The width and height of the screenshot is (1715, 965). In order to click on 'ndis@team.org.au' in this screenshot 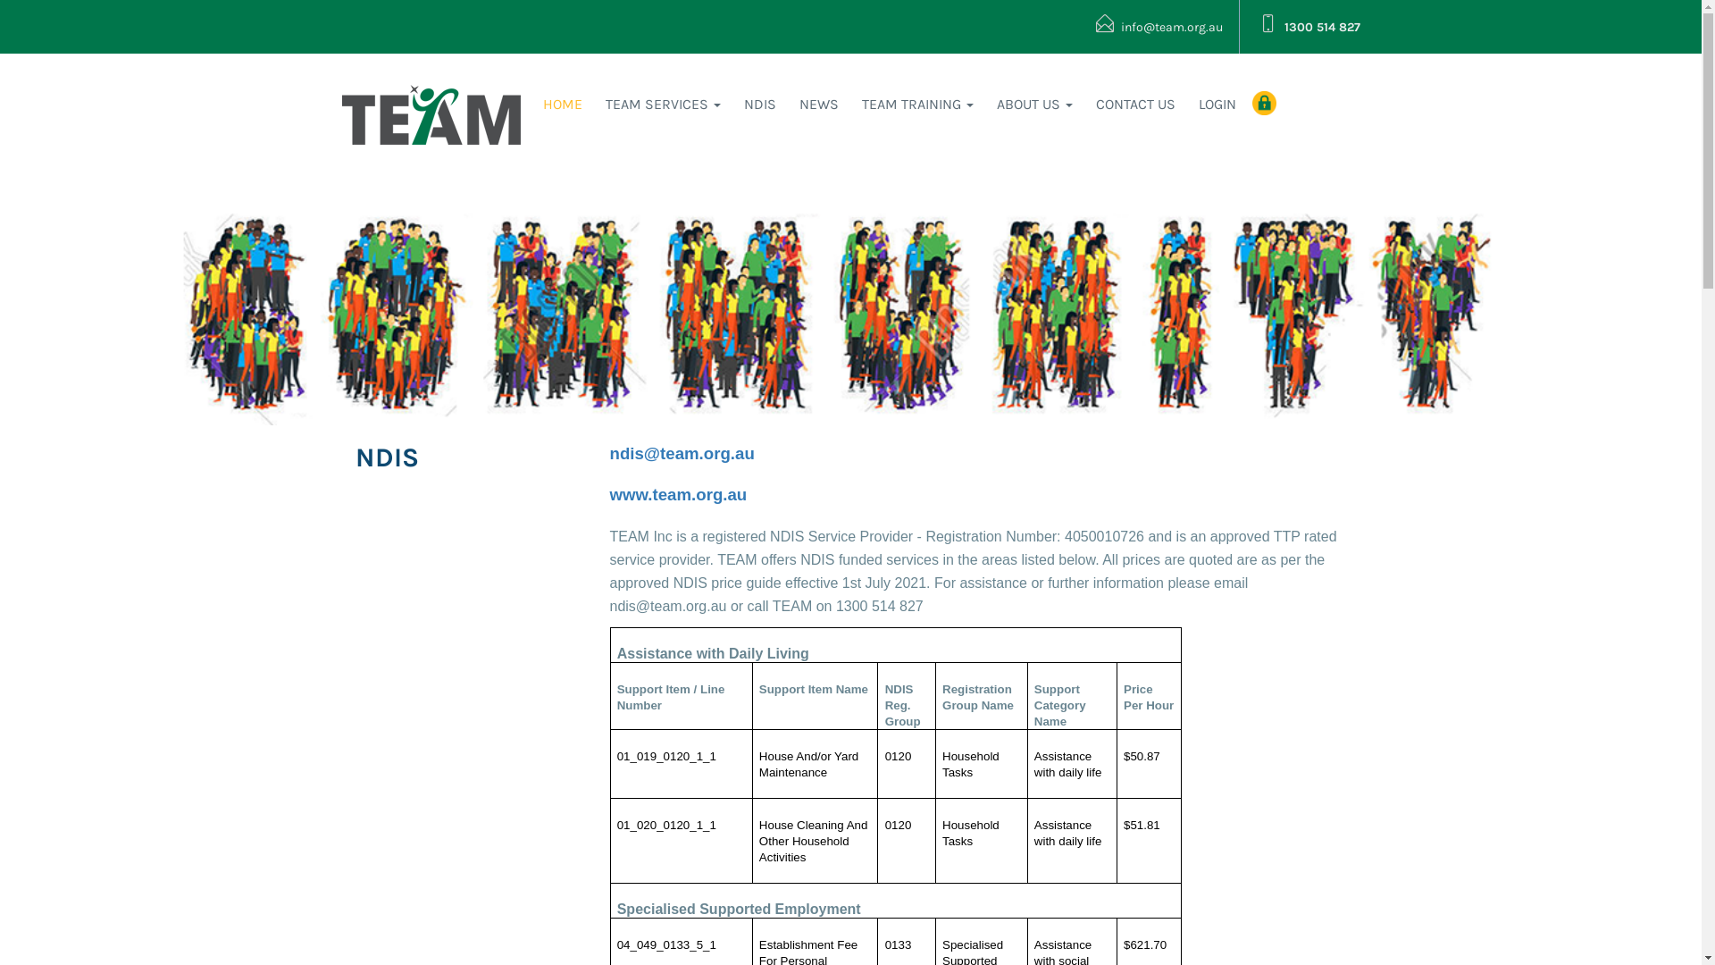, I will do `click(681, 454)`.